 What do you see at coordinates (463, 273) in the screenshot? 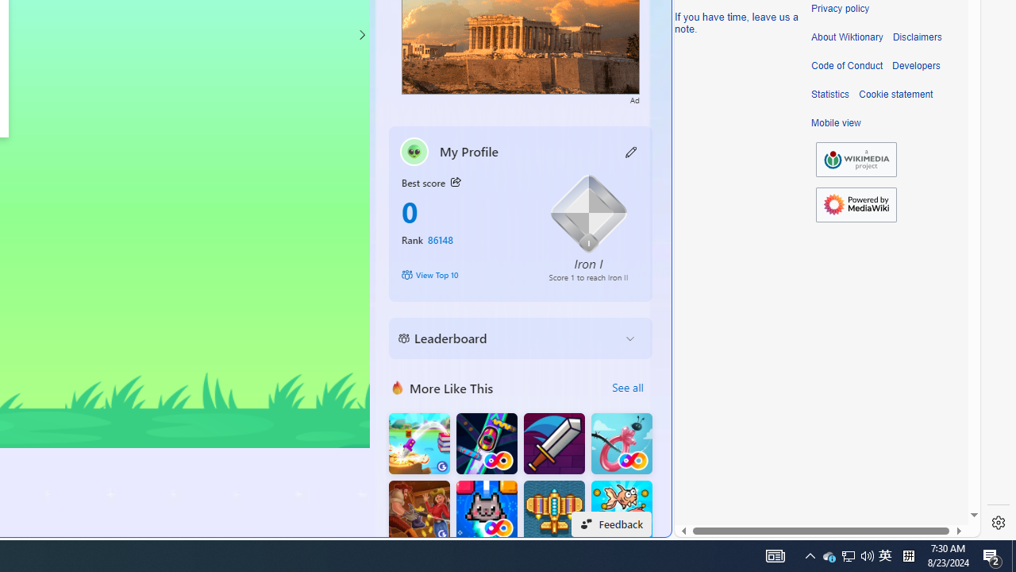
I see `'View Top 10'` at bounding box center [463, 273].